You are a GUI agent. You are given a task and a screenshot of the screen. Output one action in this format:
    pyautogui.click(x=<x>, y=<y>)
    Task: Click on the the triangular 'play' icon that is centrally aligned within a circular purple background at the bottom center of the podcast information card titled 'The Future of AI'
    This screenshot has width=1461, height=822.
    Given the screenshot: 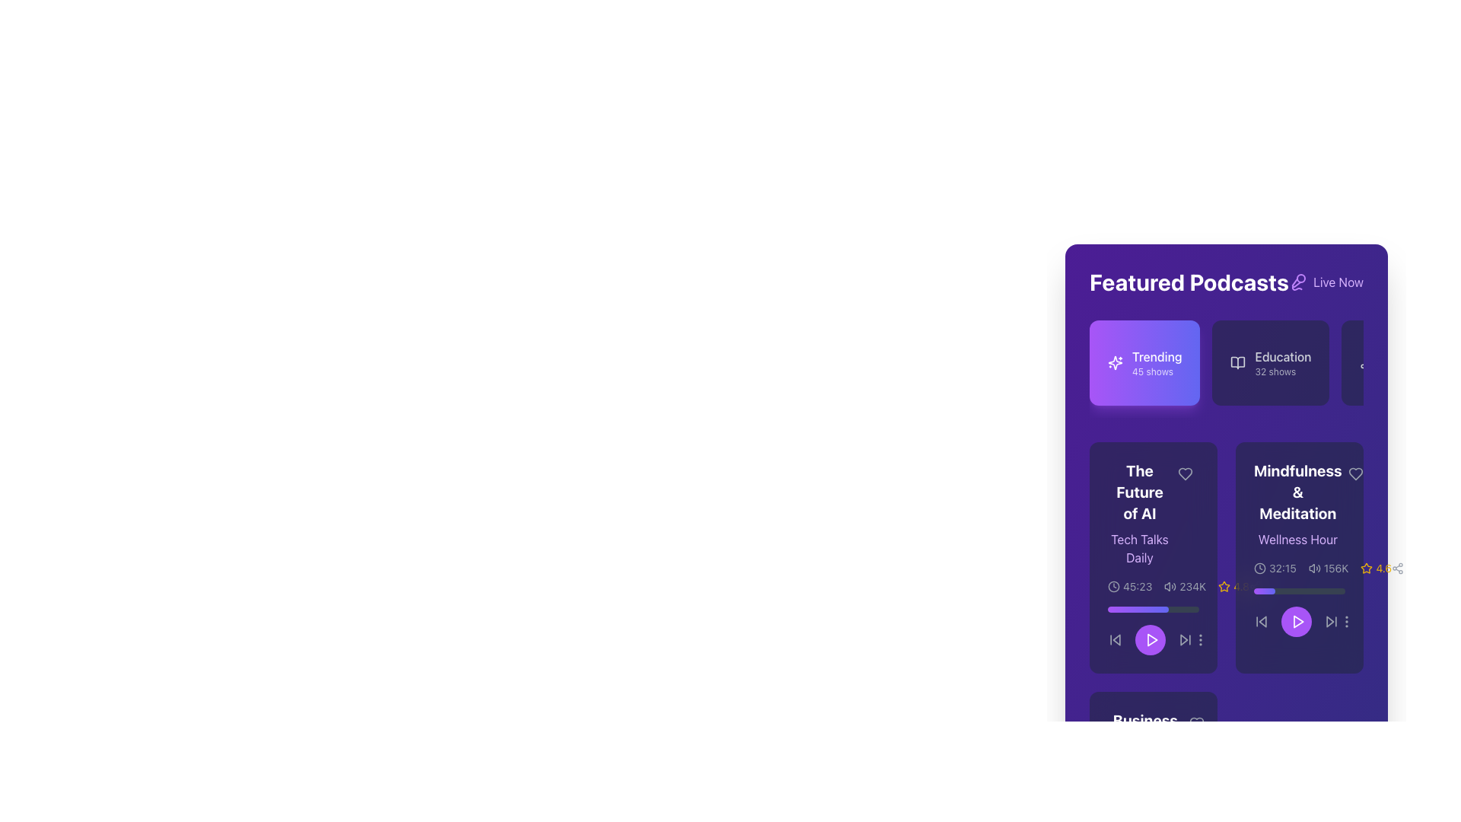 What is the action you would take?
    pyautogui.click(x=1151, y=639)
    